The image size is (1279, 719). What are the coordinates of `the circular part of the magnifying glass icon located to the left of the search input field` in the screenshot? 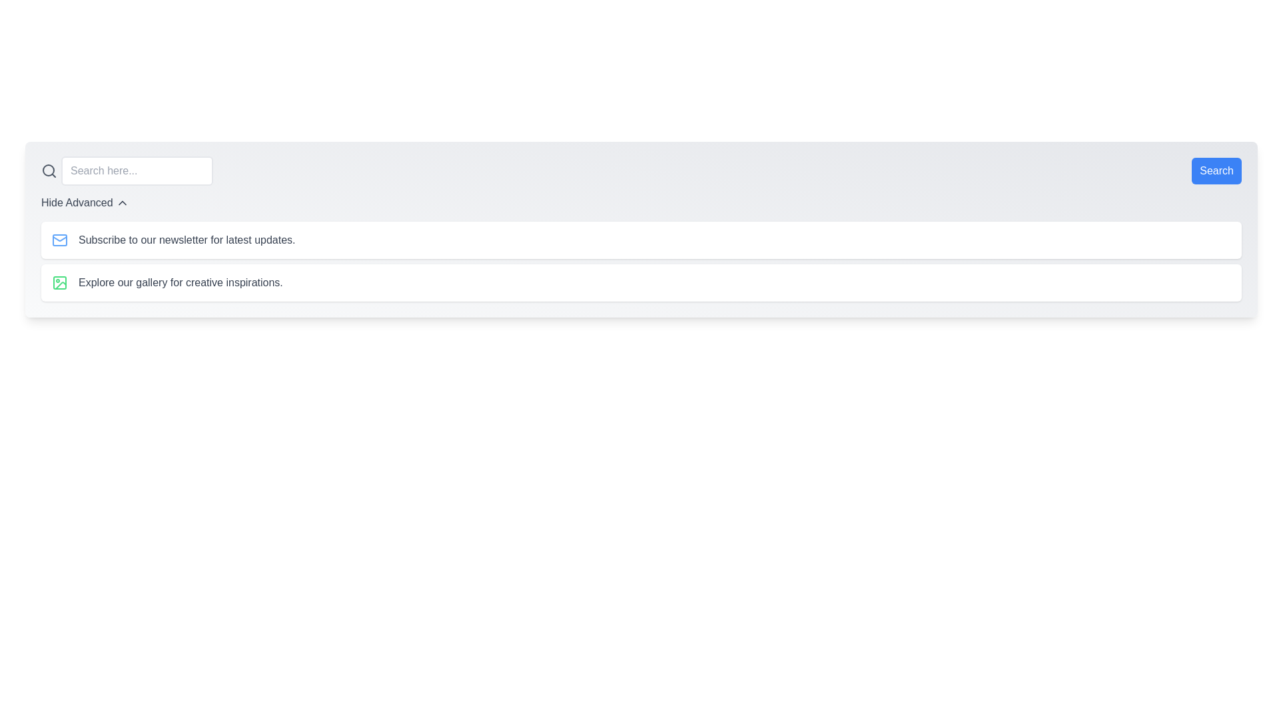 It's located at (48, 169).